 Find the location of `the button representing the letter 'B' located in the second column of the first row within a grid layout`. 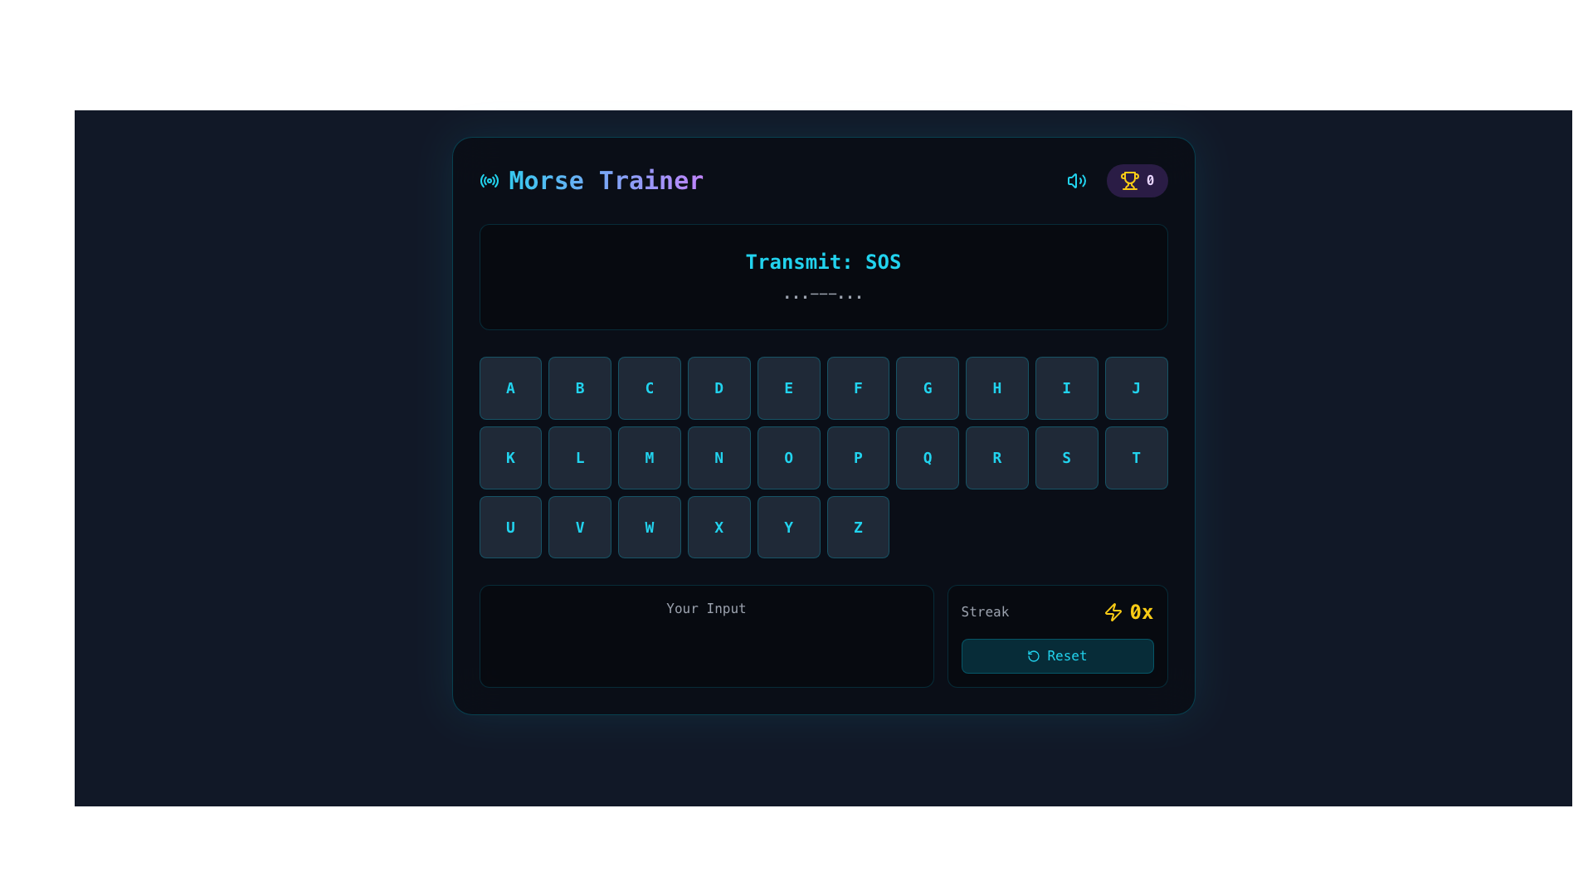

the button representing the letter 'B' located in the second column of the first row within a grid layout is located at coordinates (580, 387).